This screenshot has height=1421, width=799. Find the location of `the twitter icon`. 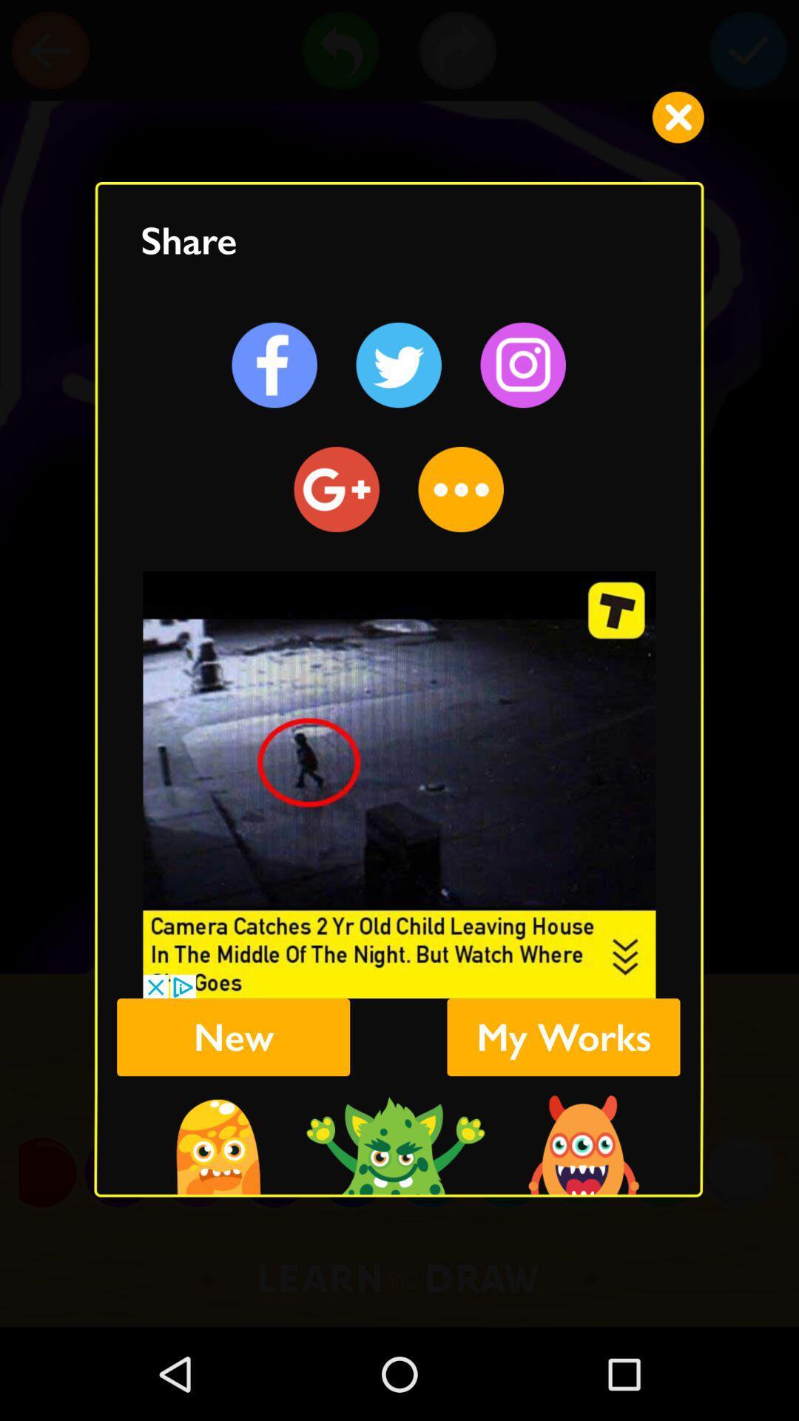

the twitter icon is located at coordinates (398, 365).